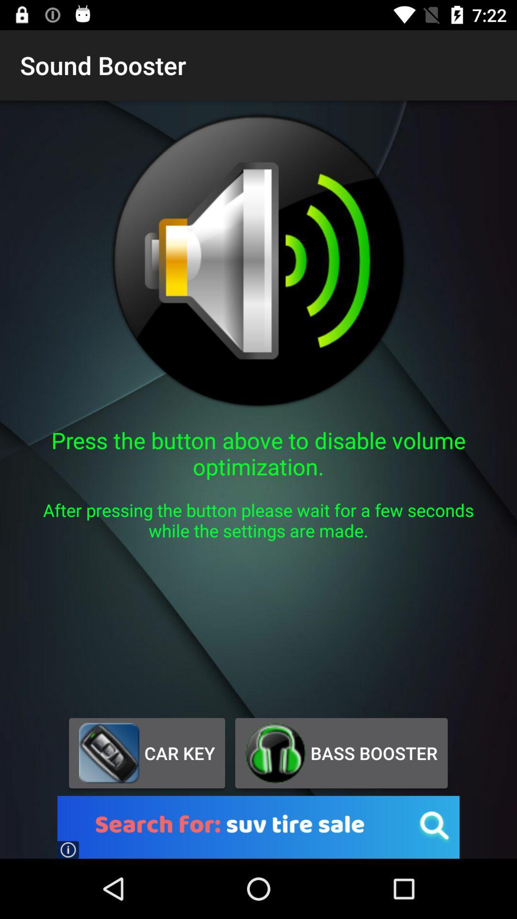 The image size is (517, 919). I want to click on the button below the car key item, so click(258, 827).